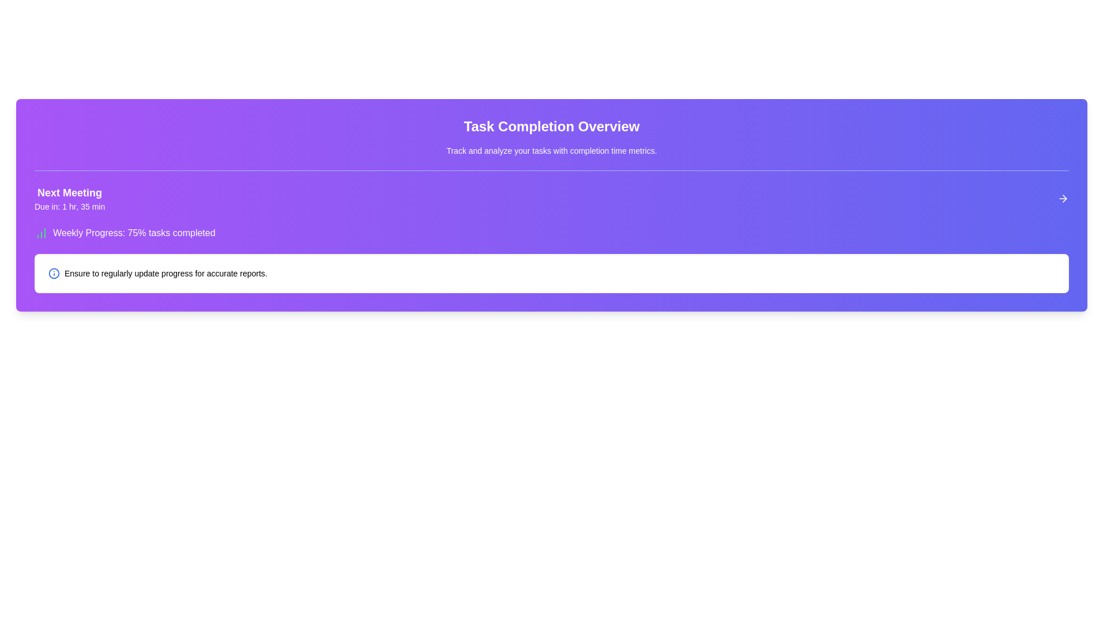 The height and width of the screenshot is (622, 1107). Describe the element at coordinates (1062, 198) in the screenshot. I see `the rightward-pointing arrow icon in the 'Next Meeting' section` at that location.